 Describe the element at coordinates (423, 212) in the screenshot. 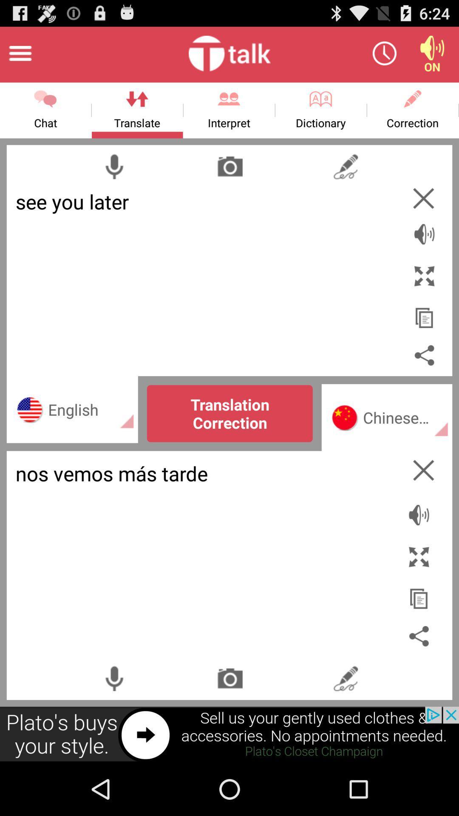

I see `the close icon` at that location.